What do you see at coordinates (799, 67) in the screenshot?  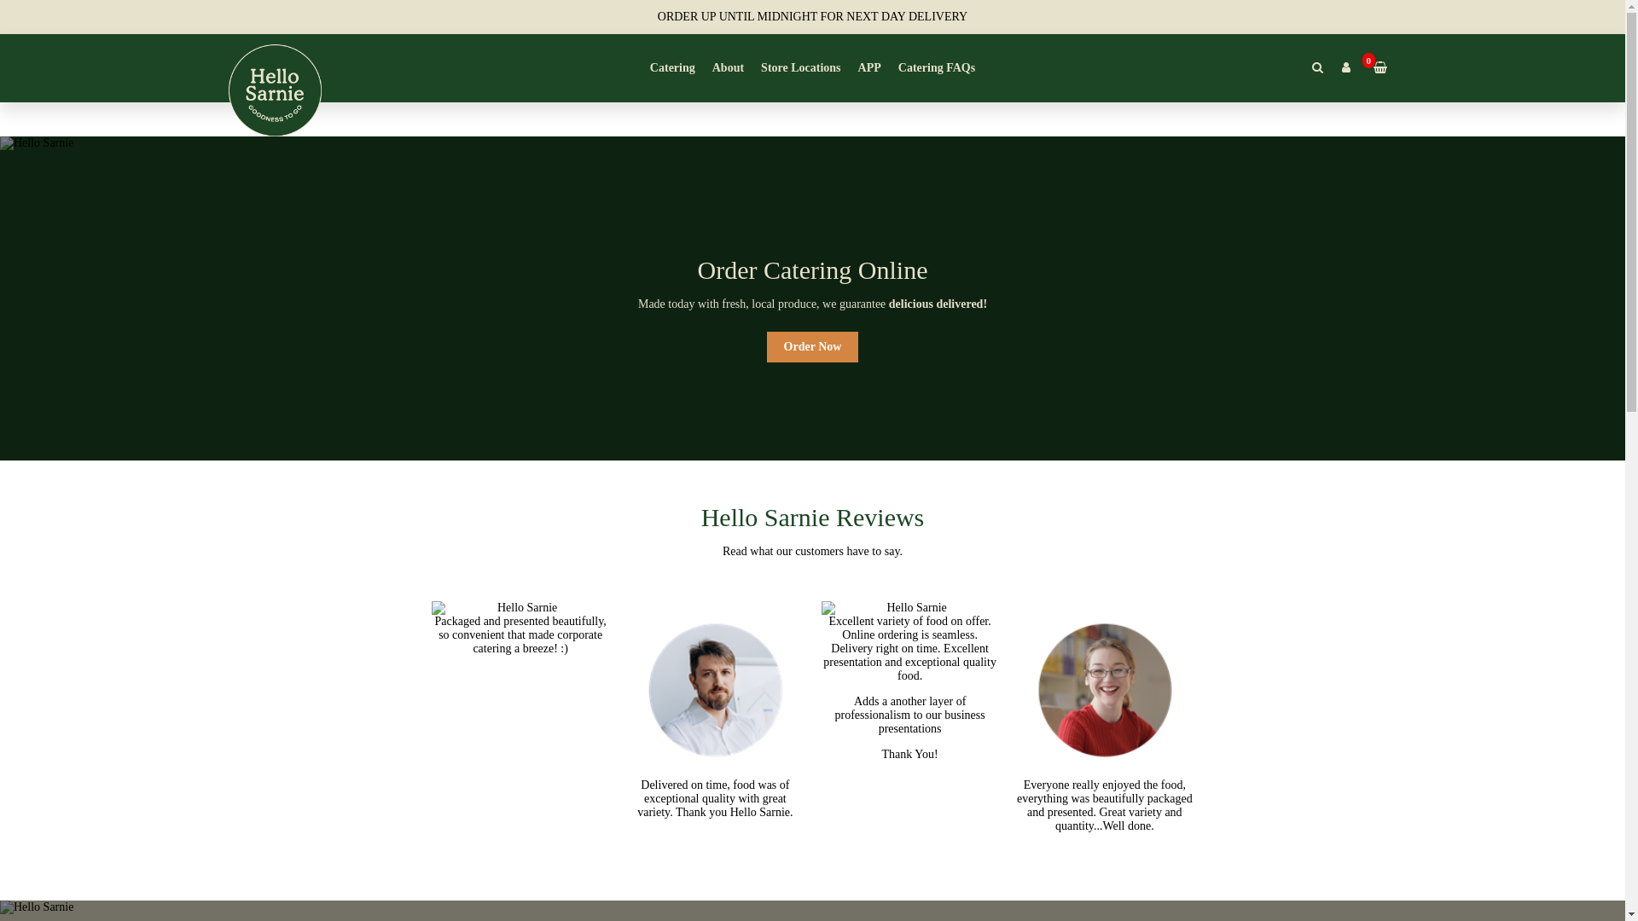 I see `'Store Locations'` at bounding box center [799, 67].